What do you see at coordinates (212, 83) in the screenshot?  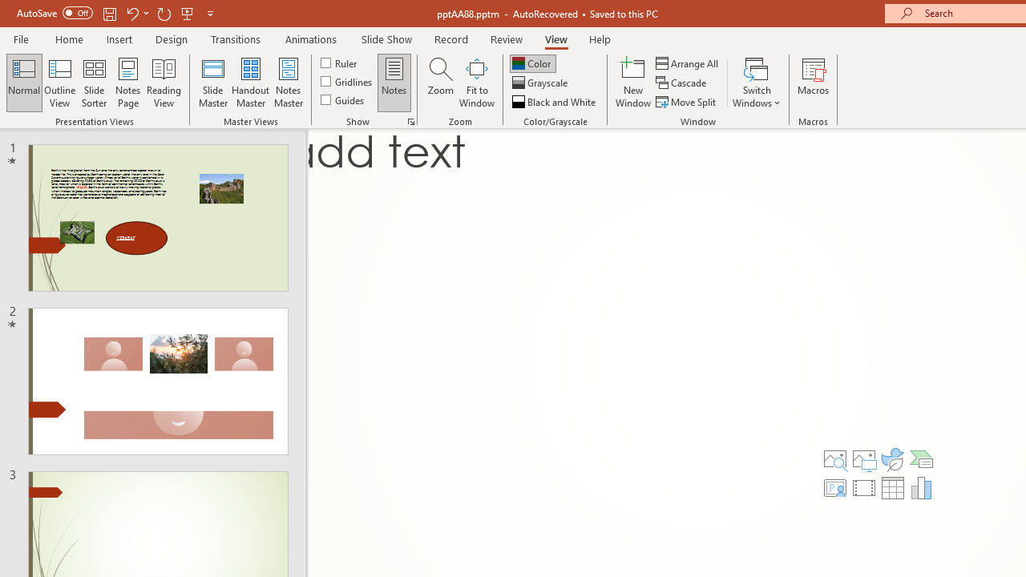 I see `'Slide Master'` at bounding box center [212, 83].